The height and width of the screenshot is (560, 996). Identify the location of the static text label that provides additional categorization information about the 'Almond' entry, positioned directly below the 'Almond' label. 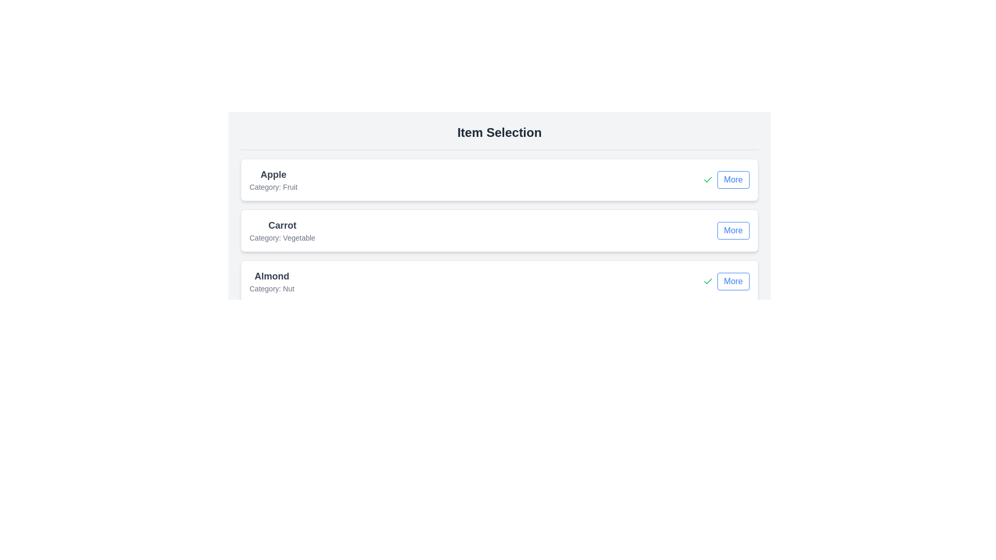
(272, 288).